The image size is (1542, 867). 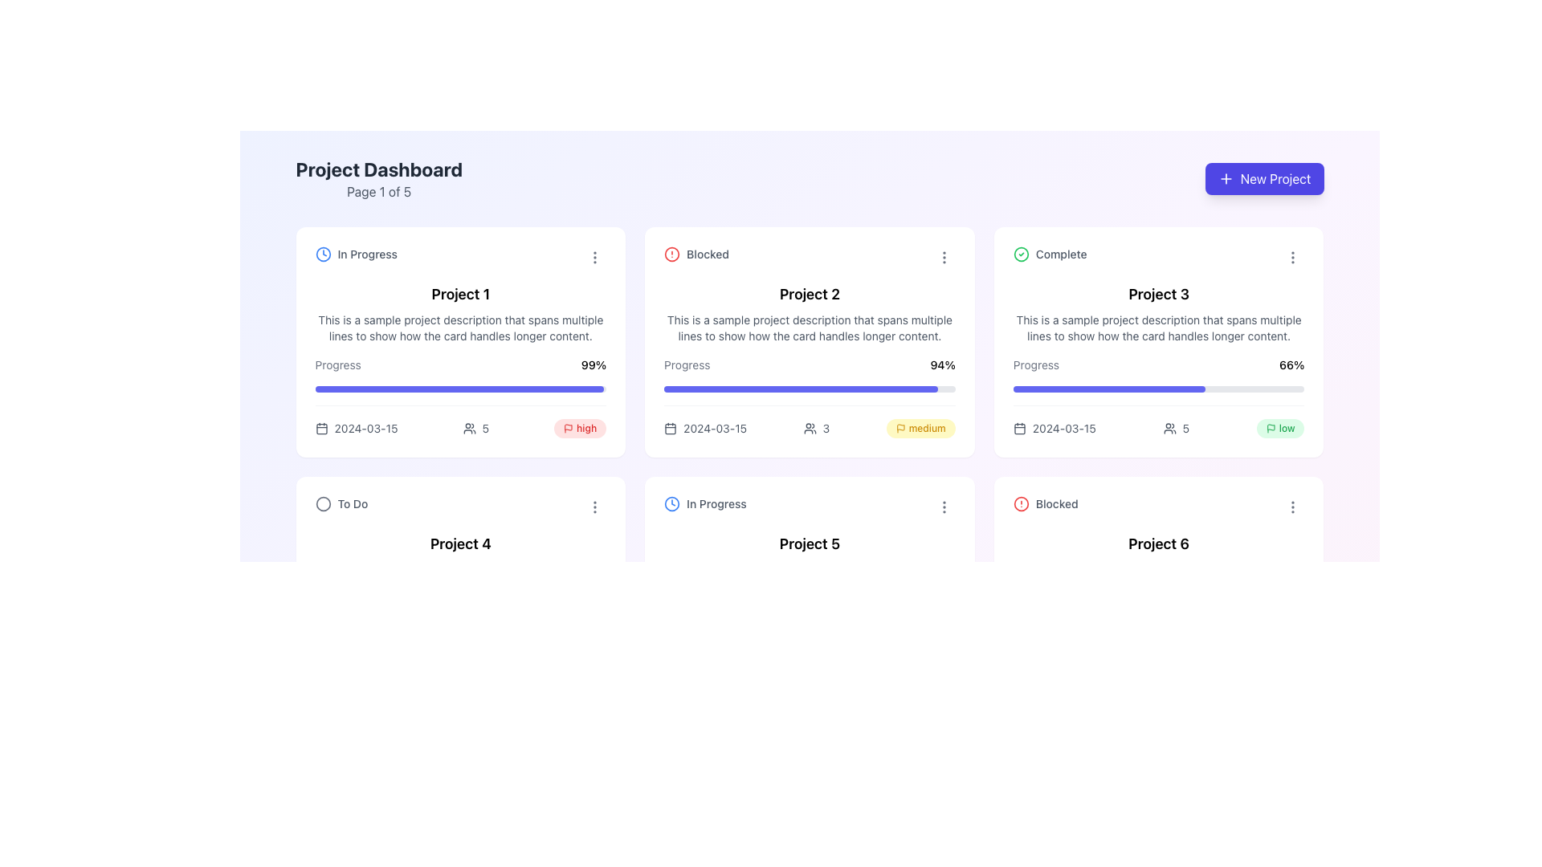 What do you see at coordinates (1159, 397) in the screenshot?
I see `the current progress of the task represented by the progress bar located in the 'Project 3' card, which is positioned below the project description and above the date, participant count, and priority level` at bounding box center [1159, 397].